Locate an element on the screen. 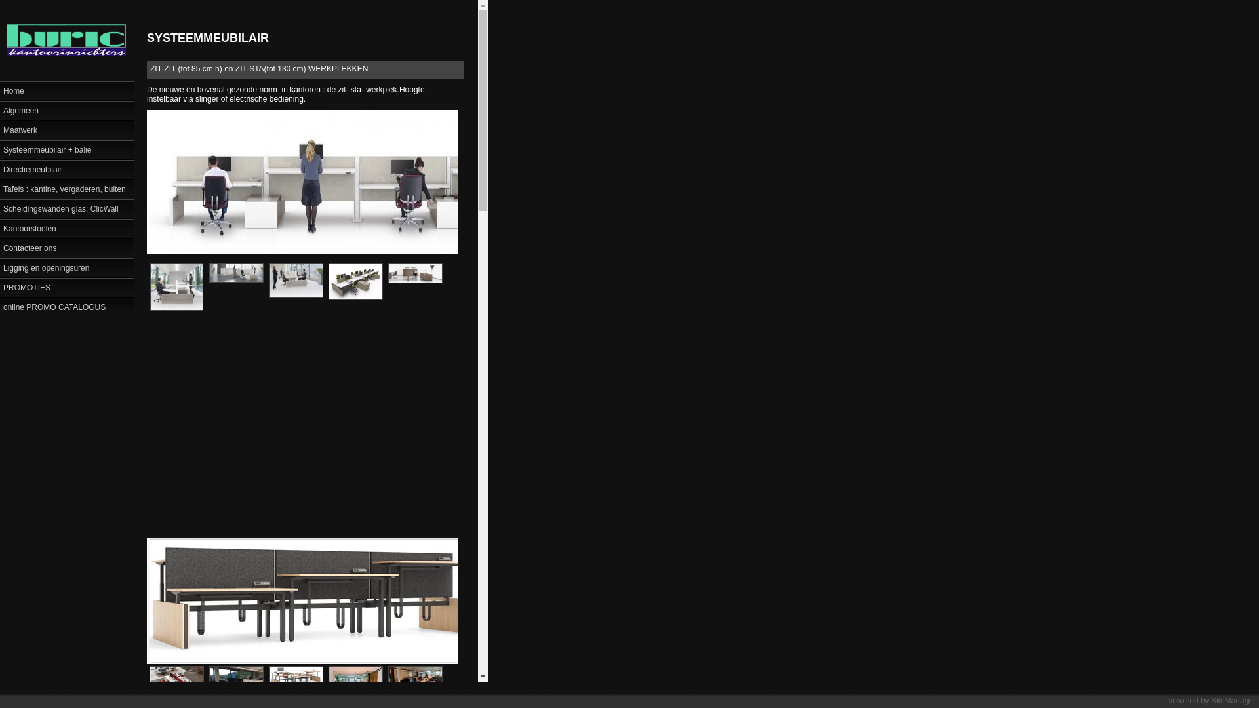  'Contacteer ons' is located at coordinates (66, 248).